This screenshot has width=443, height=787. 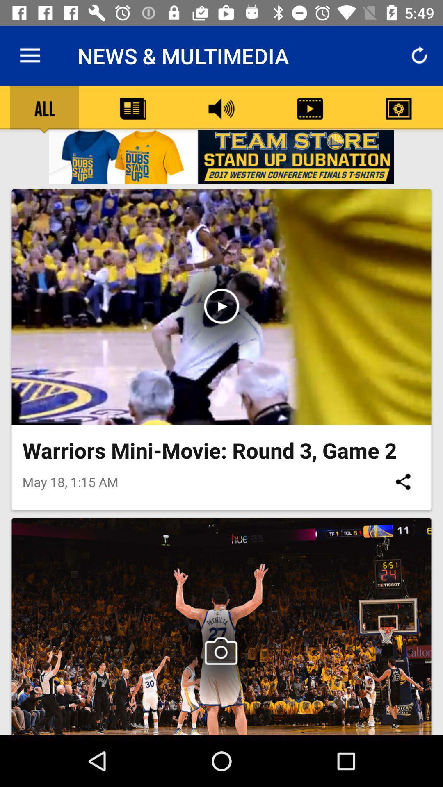 What do you see at coordinates (402, 482) in the screenshot?
I see `the icon to the right of may 18 1` at bounding box center [402, 482].